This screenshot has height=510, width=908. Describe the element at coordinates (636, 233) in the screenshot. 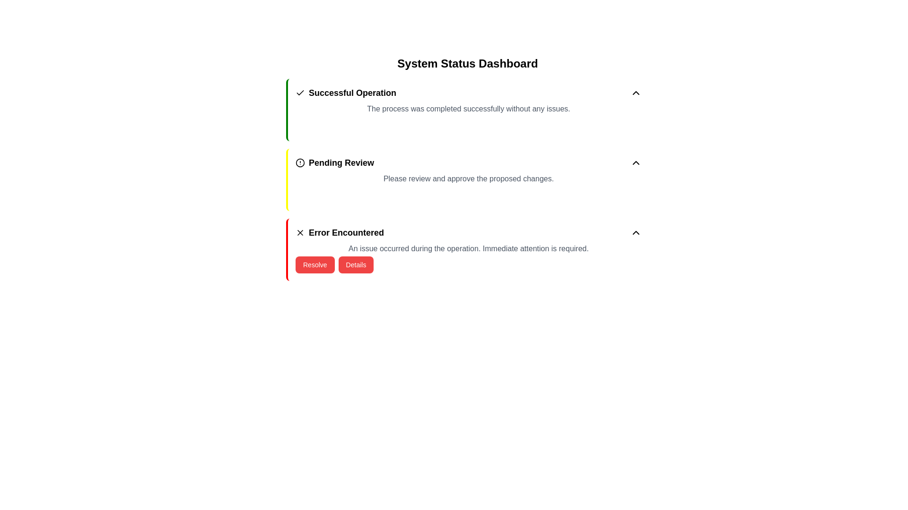

I see `the icon-based toggle button located in the 'Error Encountered' section` at that location.